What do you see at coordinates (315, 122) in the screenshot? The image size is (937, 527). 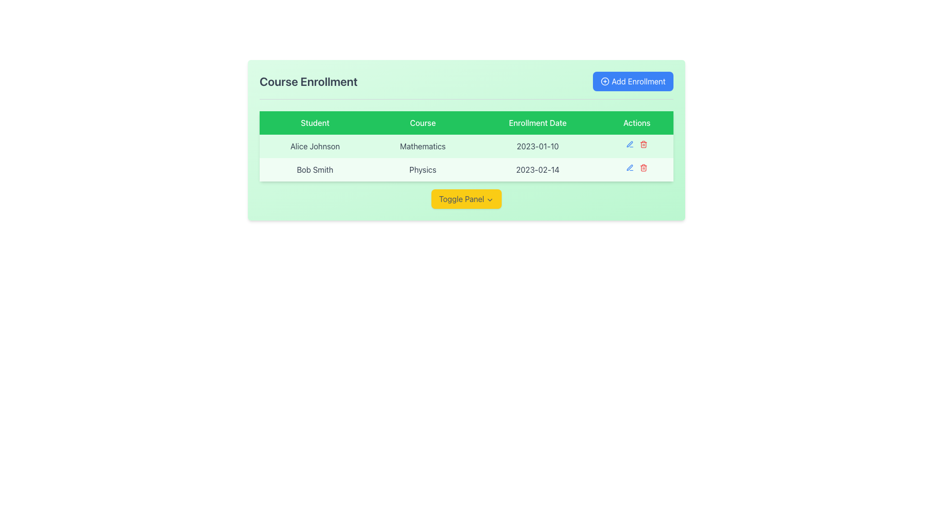 I see `the 'Student' column header cell in the data table, which is located in the first column of the header row and indicates data related to students' names` at bounding box center [315, 122].